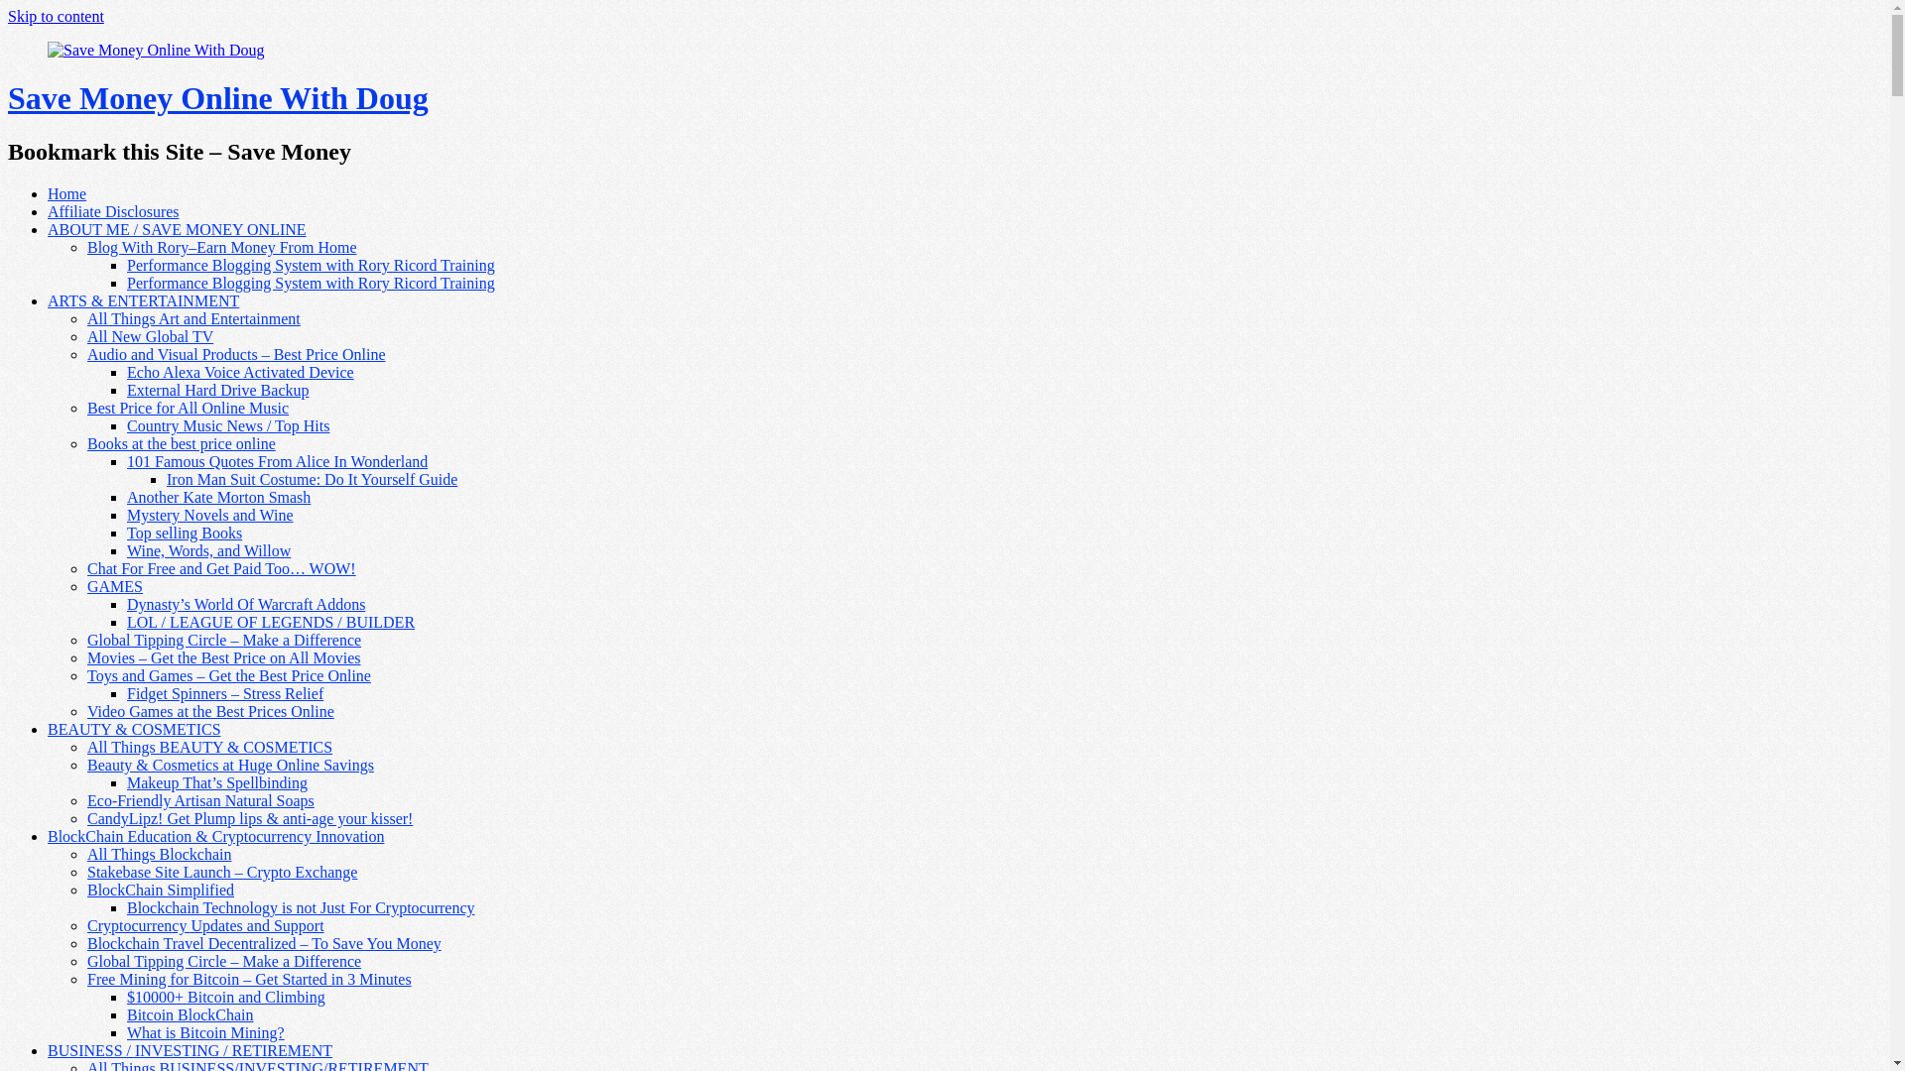 The width and height of the screenshot is (1905, 1071). What do you see at coordinates (126, 532) in the screenshot?
I see `'Top selling Books'` at bounding box center [126, 532].